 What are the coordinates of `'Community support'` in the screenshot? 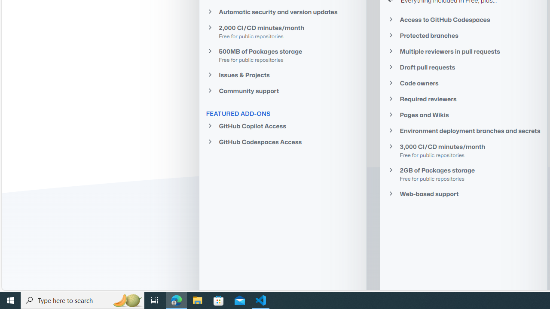 It's located at (282, 91).